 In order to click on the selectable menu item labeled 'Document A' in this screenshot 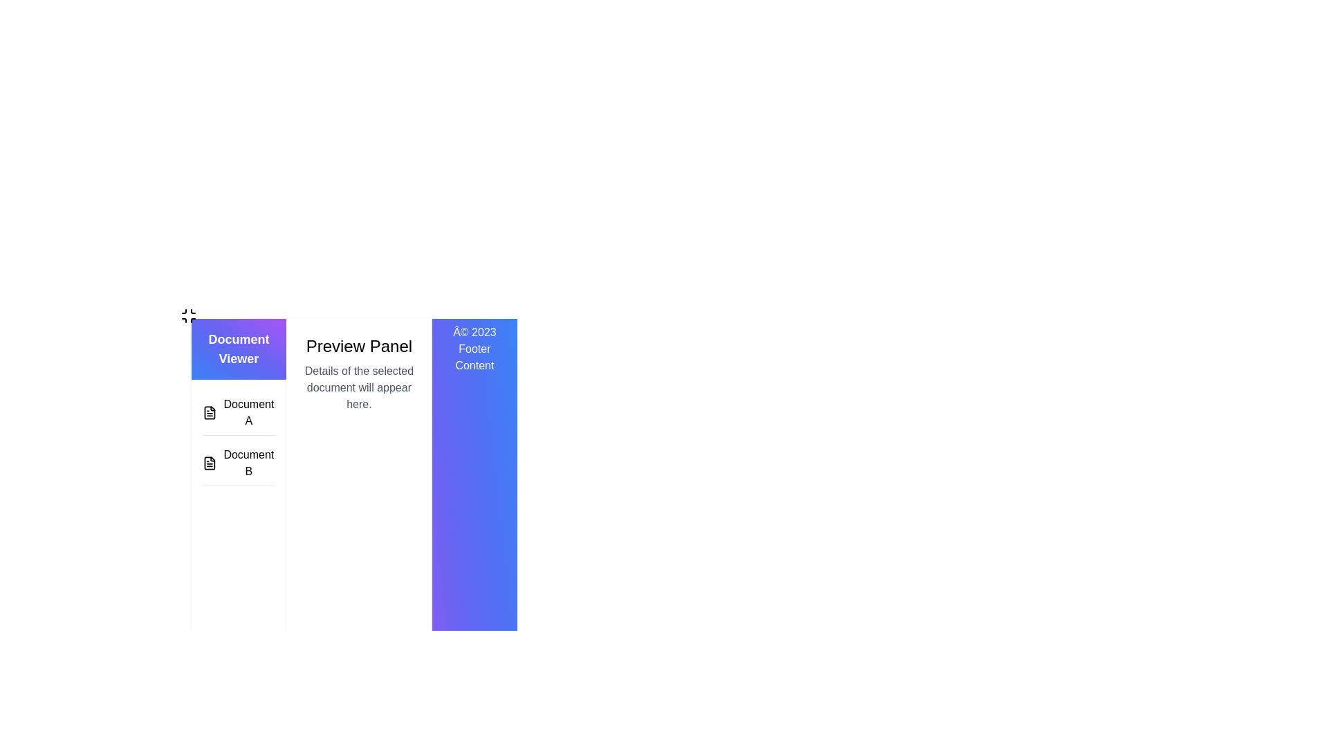, I will do `click(239, 412)`.